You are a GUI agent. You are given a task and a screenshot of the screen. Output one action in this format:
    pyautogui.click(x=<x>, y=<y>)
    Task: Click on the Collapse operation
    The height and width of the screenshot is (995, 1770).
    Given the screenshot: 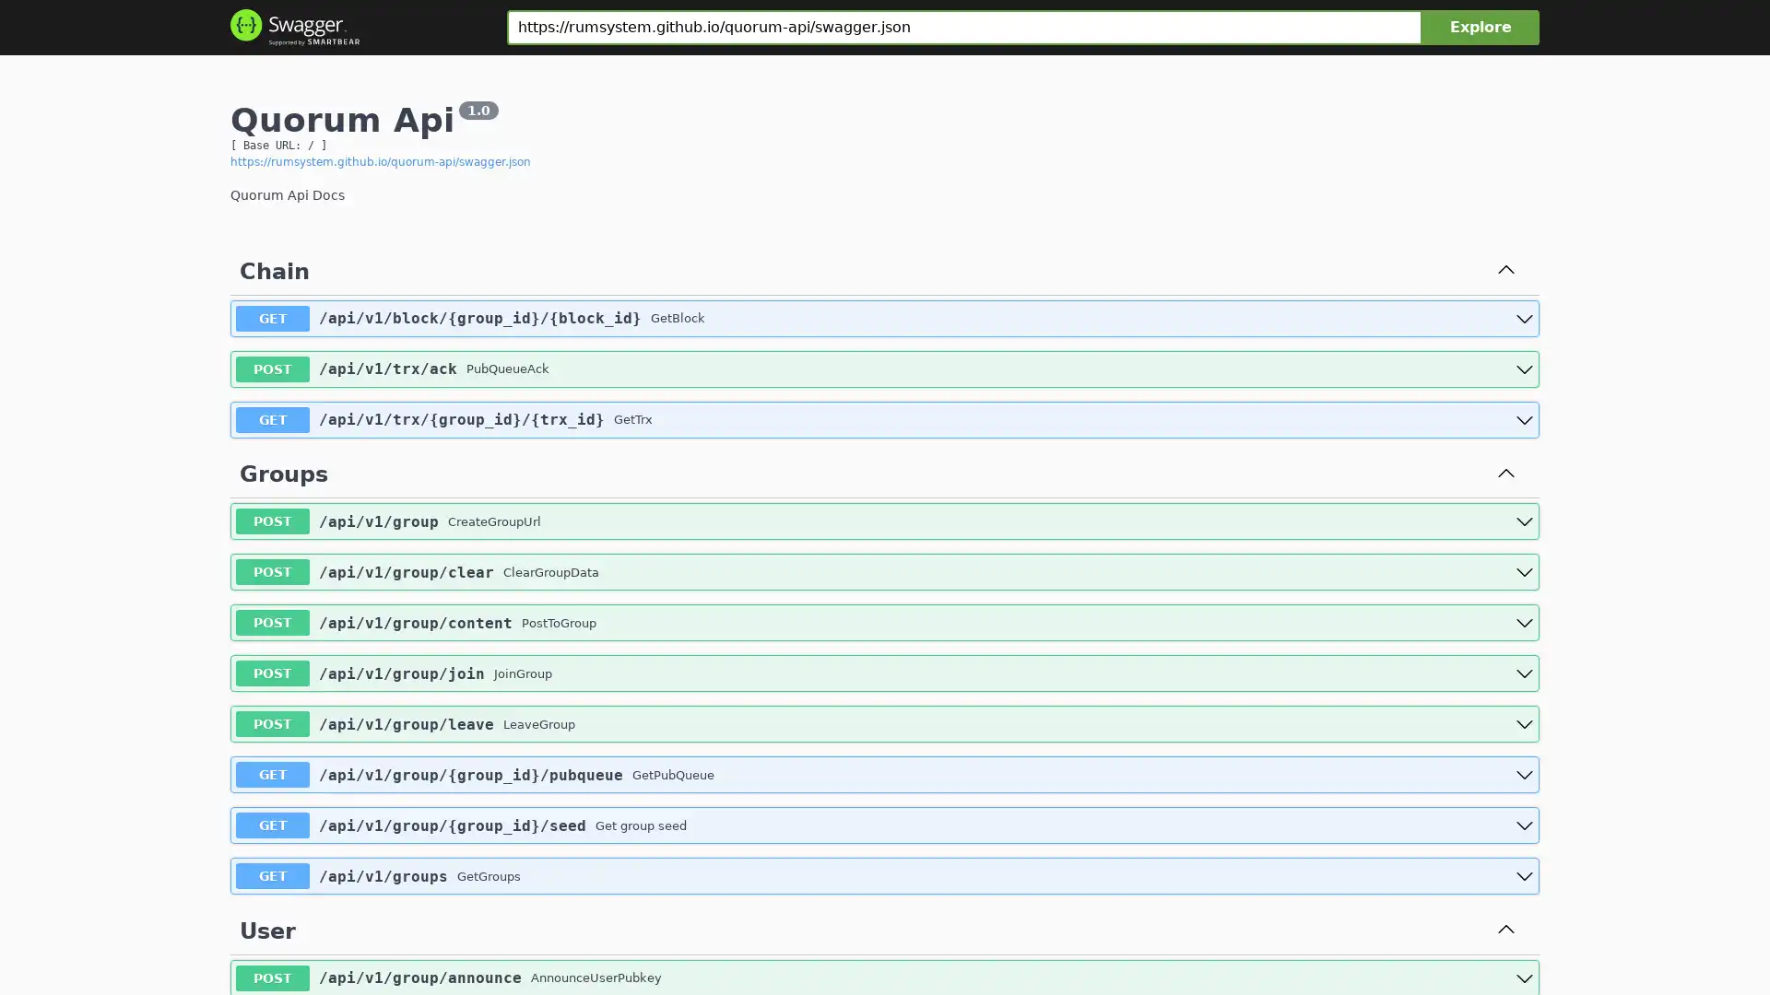 What is the action you would take?
    pyautogui.click(x=1505, y=271)
    